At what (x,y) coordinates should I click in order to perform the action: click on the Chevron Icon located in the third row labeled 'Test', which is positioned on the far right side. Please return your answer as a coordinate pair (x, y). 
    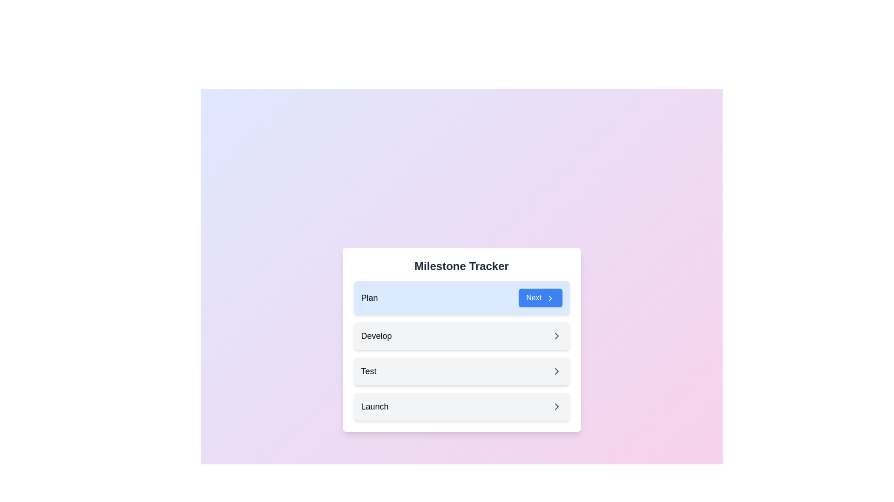
    Looking at the image, I should click on (556, 370).